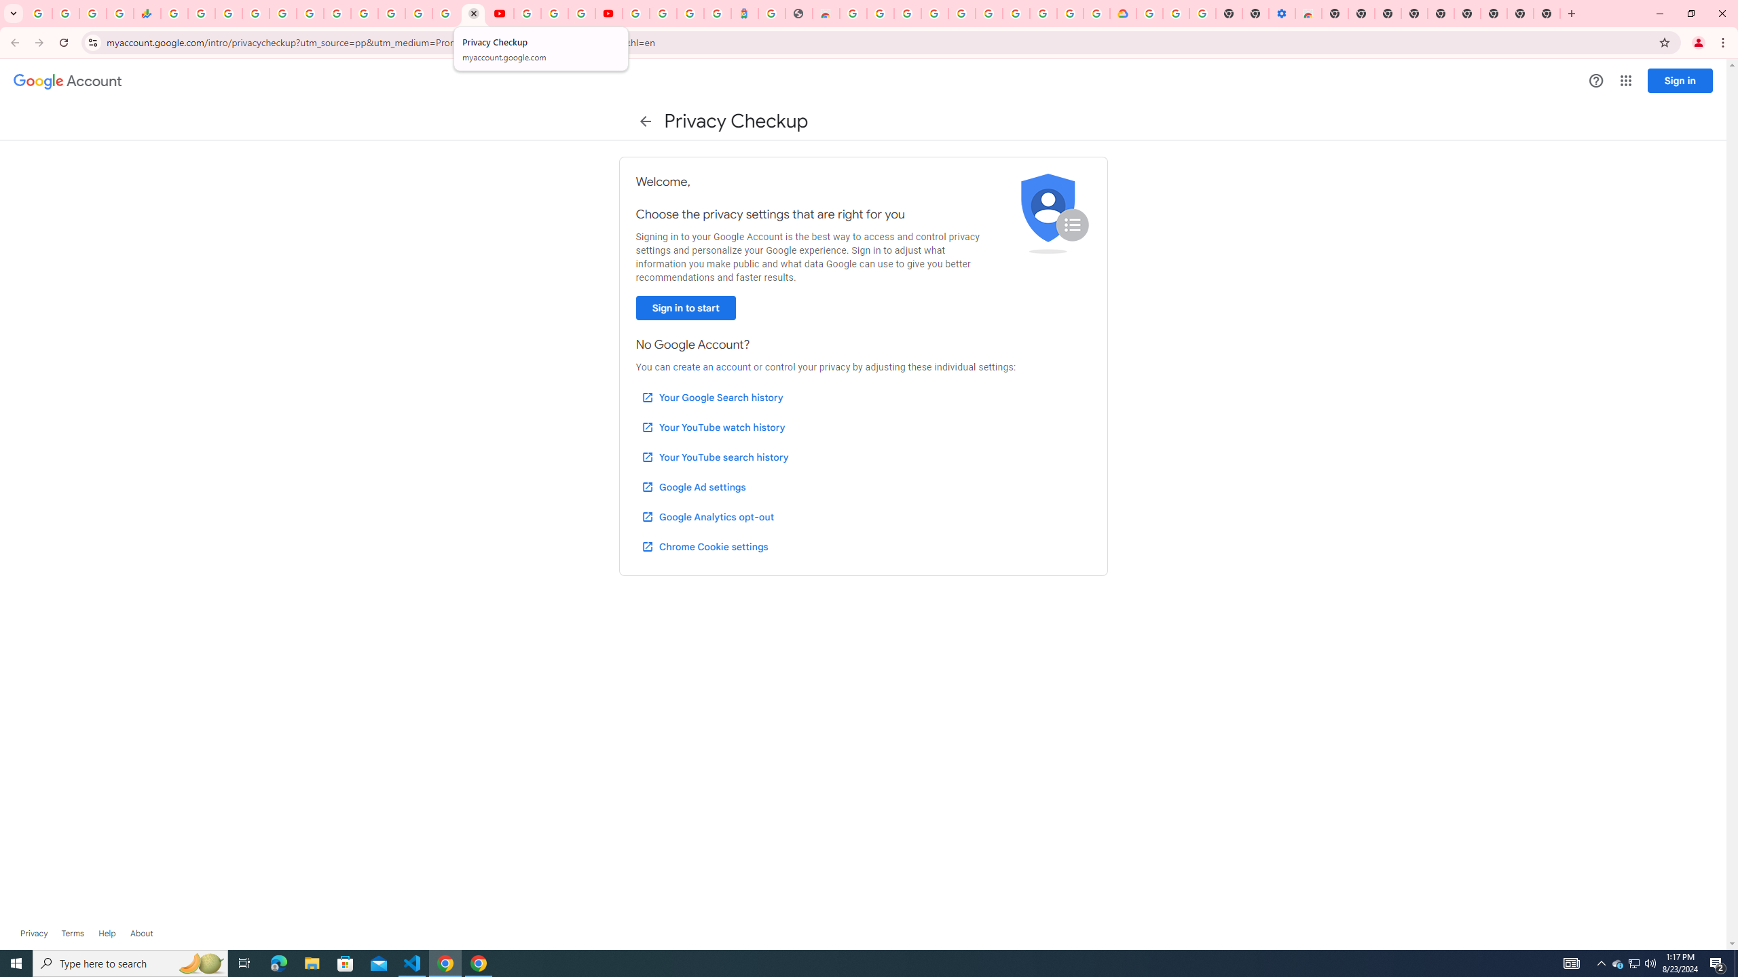 This screenshot has height=977, width=1738. What do you see at coordinates (684, 307) in the screenshot?
I see `'Sign in to start'` at bounding box center [684, 307].